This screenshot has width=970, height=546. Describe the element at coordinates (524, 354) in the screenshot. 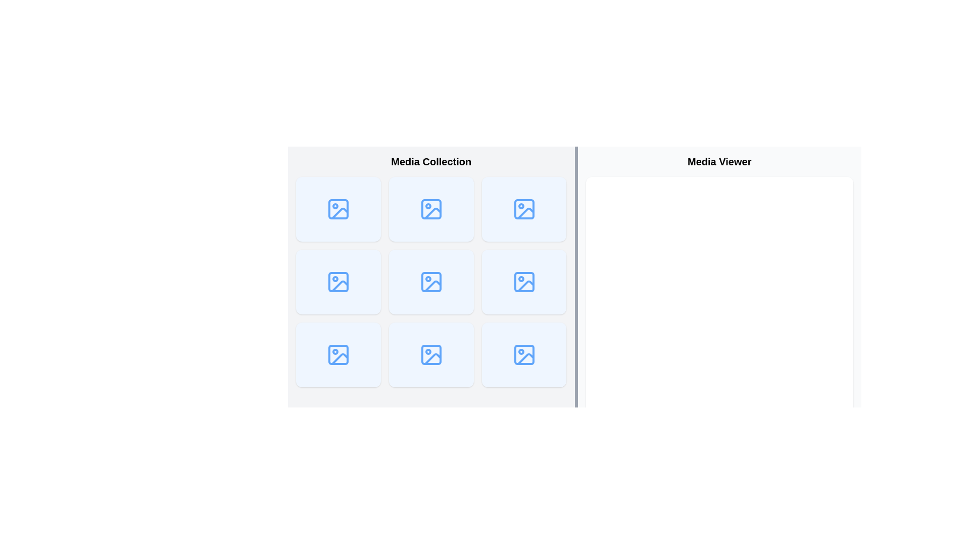

I see `the bottom-right button in the 'Media Collection' section that contains an SVG icon` at that location.